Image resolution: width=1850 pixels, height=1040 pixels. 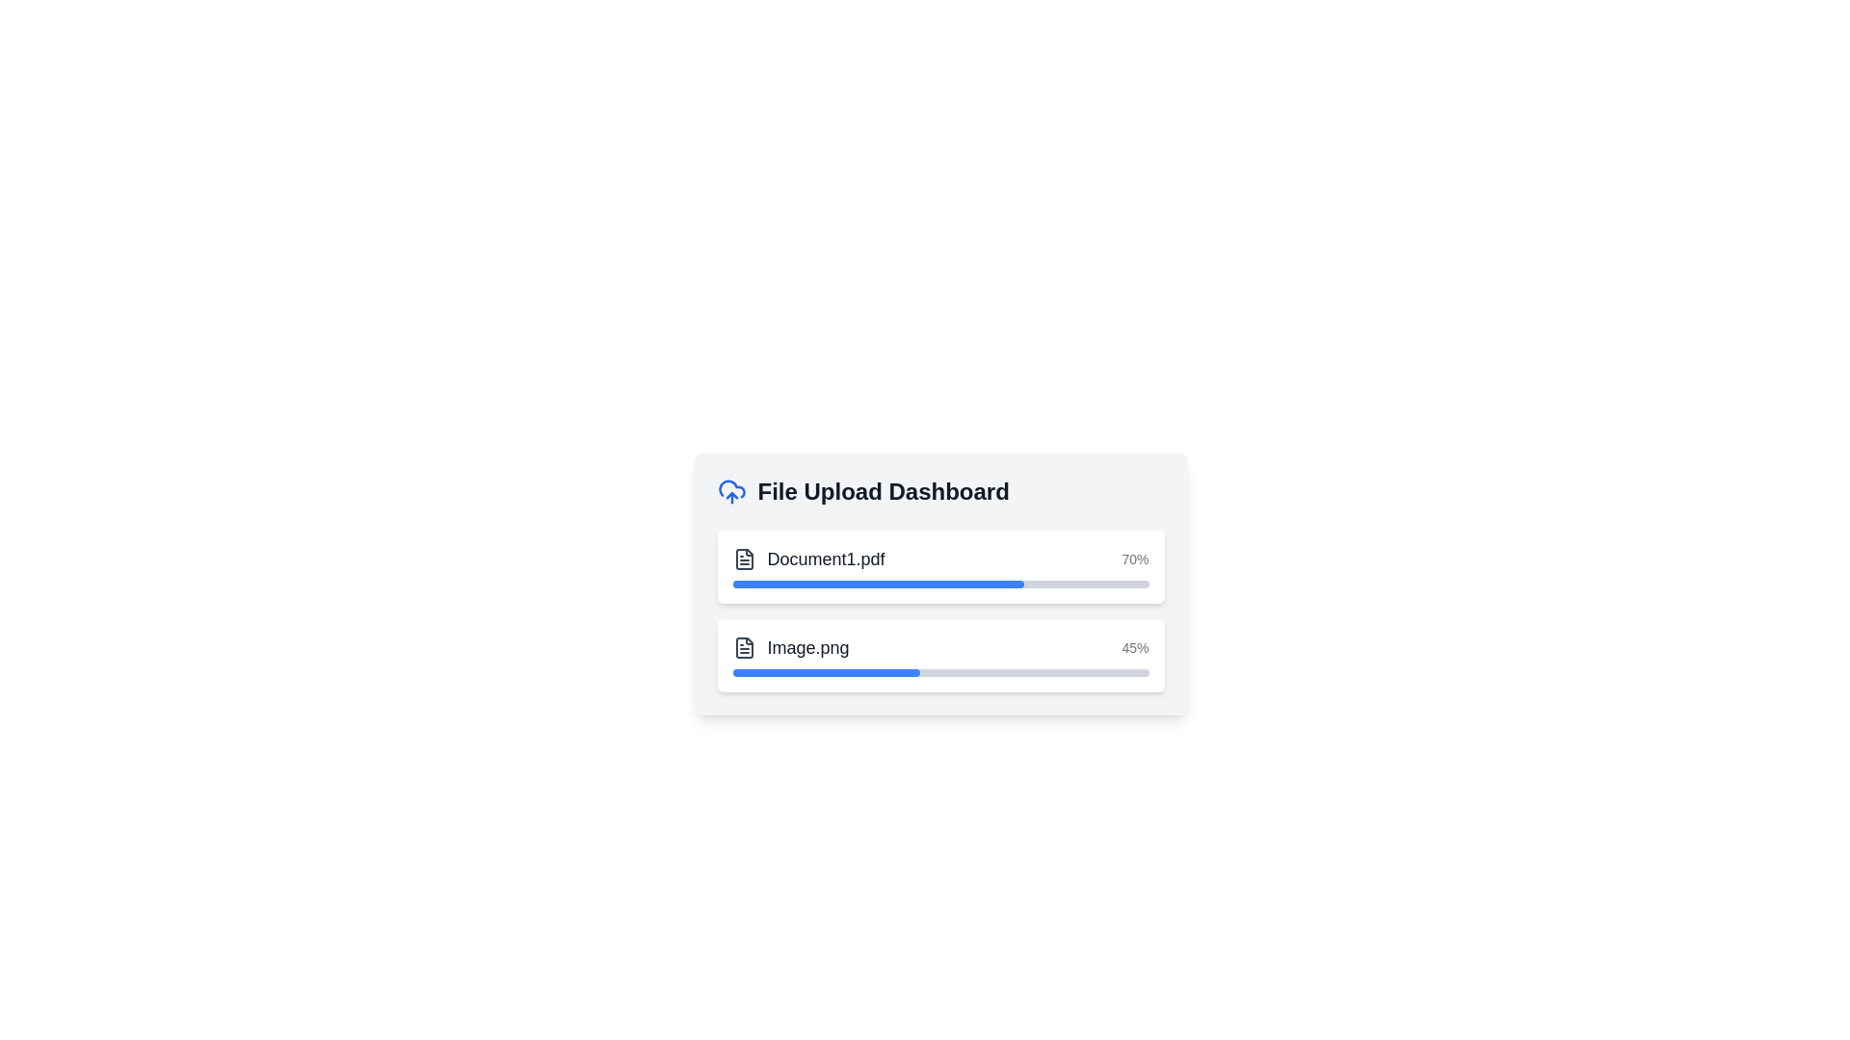 I want to click on the cloud outline component in the SVG graphic, which represents a non-interactive decorative piece for the cloud upload feature in the File Upload Dashboard, so click(x=730, y=488).